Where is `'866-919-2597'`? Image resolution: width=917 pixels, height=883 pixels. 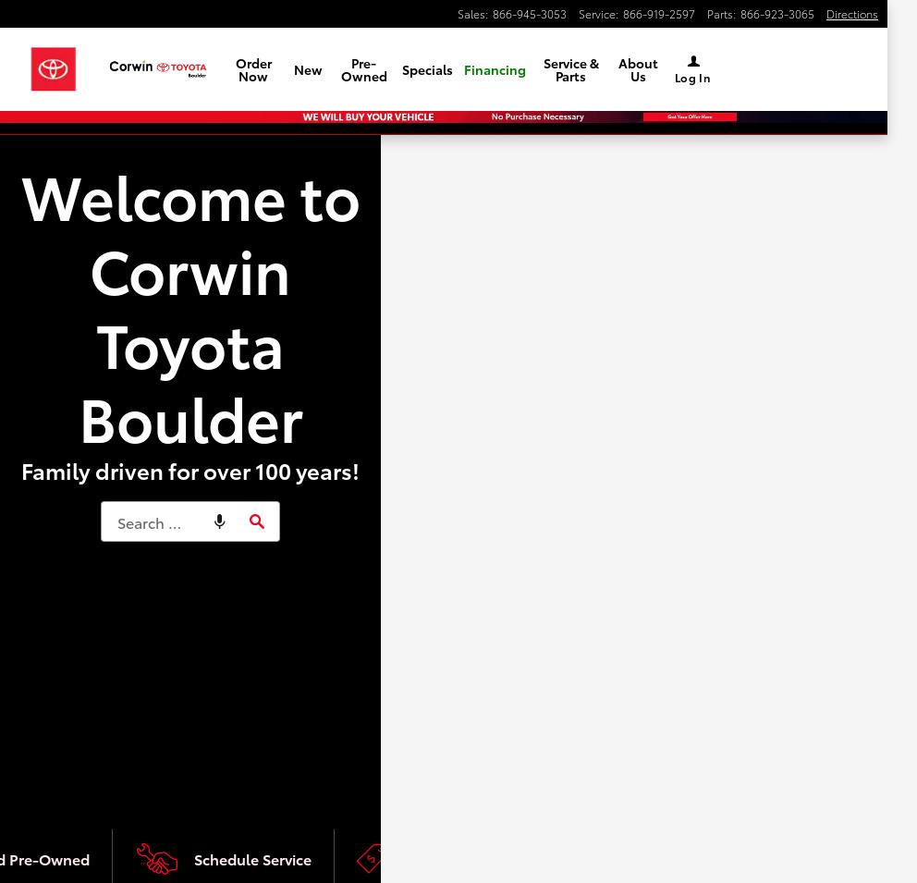 '866-919-2597' is located at coordinates (659, 12).